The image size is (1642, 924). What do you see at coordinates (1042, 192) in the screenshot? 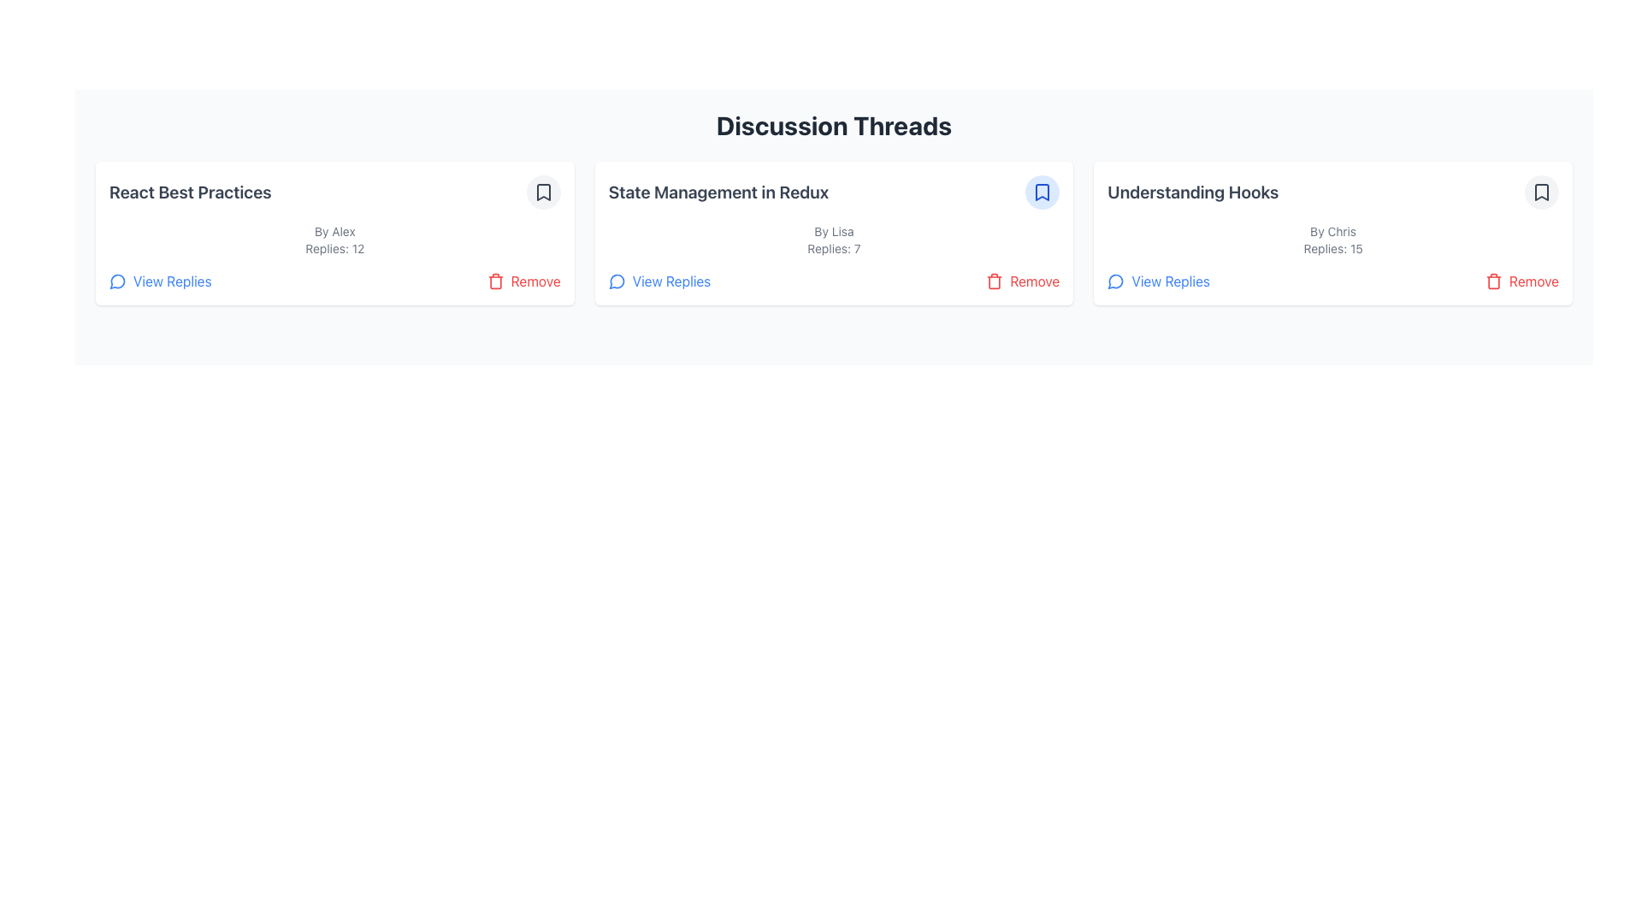
I see `the bookmark icon button with a blue outline located at the top-right corner of the card titled 'State Management in Redux' to bookmark the discussion` at bounding box center [1042, 192].